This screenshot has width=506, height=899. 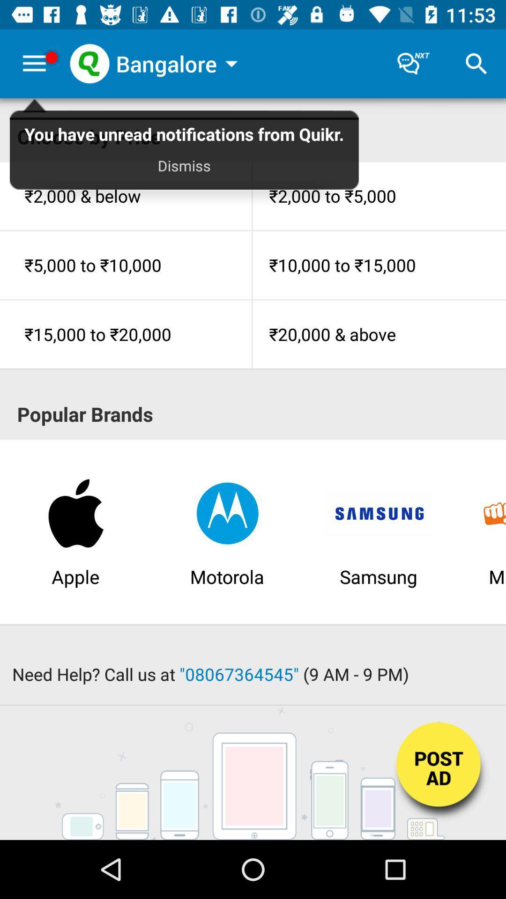 I want to click on post advertisement button, so click(x=439, y=774).